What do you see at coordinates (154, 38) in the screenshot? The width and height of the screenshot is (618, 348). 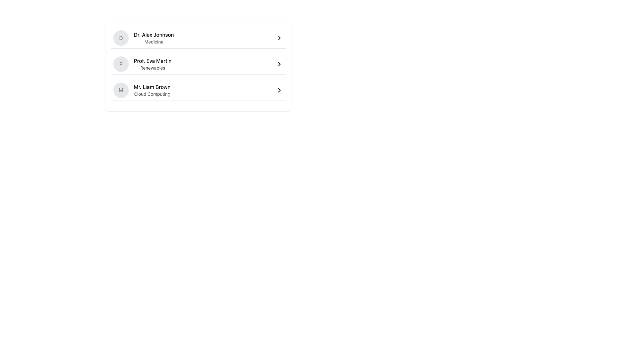 I see `information displayed in the Text Display showing 'Dr. Alex Johnson' and designation 'Medicine', which is the first item in the list layout` at bounding box center [154, 38].